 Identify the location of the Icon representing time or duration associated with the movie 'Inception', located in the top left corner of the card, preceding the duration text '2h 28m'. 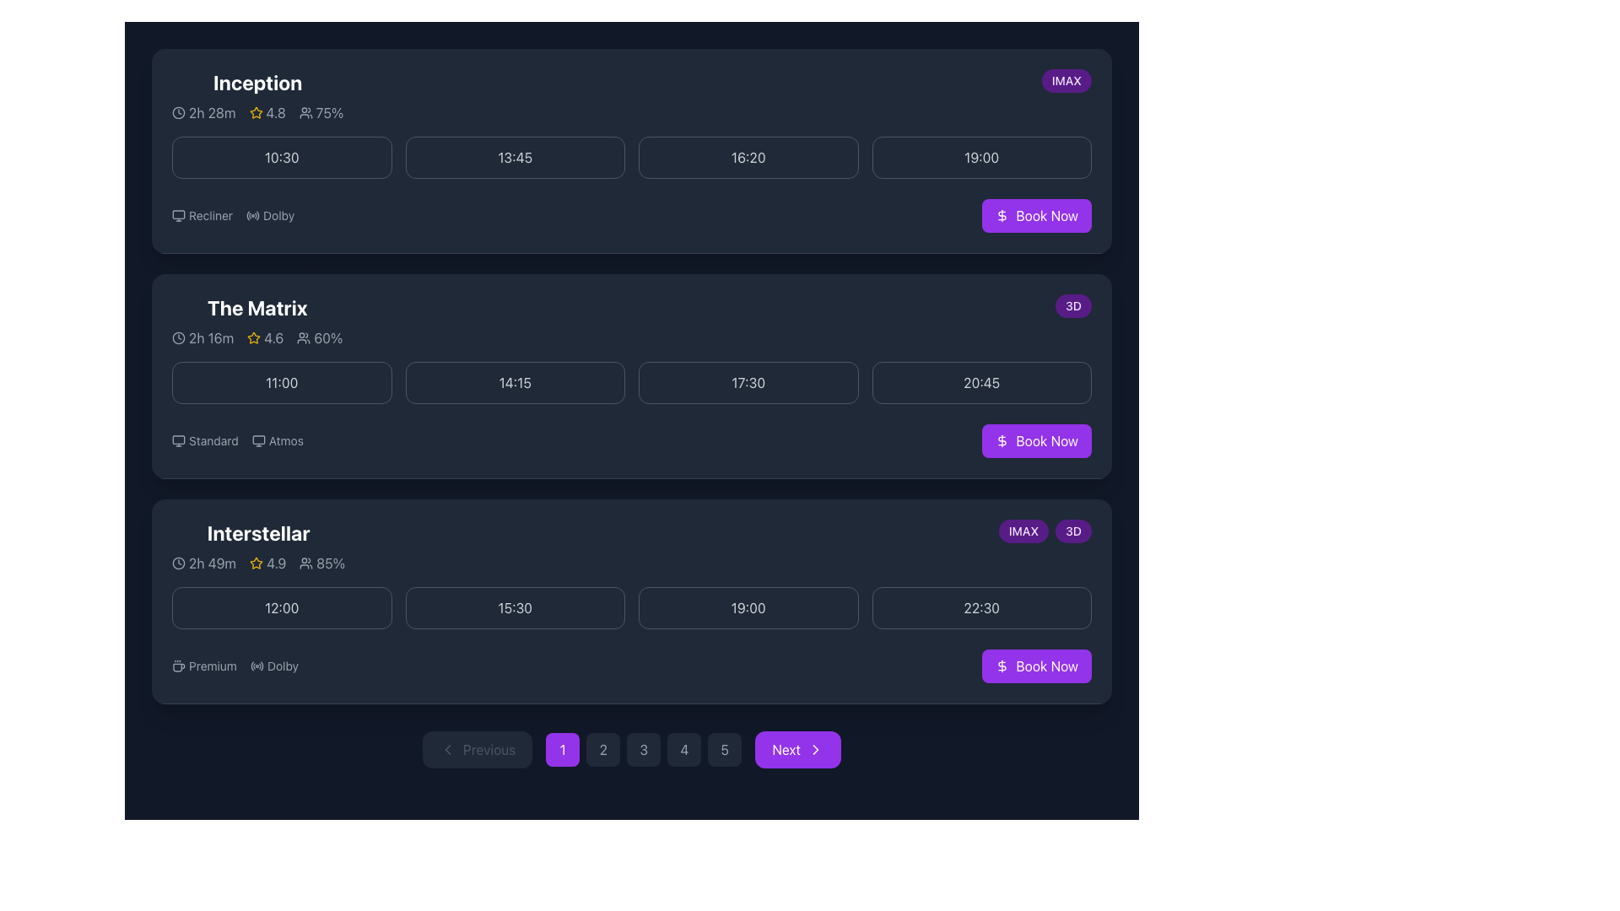
(178, 113).